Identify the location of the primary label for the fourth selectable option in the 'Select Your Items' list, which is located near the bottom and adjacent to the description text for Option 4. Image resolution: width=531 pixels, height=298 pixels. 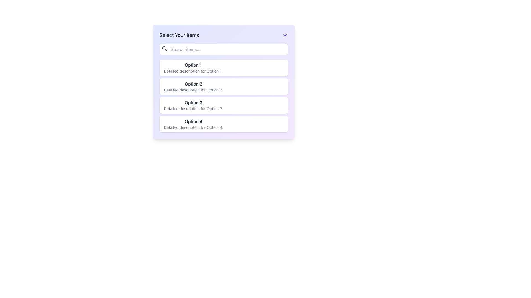
(193, 121).